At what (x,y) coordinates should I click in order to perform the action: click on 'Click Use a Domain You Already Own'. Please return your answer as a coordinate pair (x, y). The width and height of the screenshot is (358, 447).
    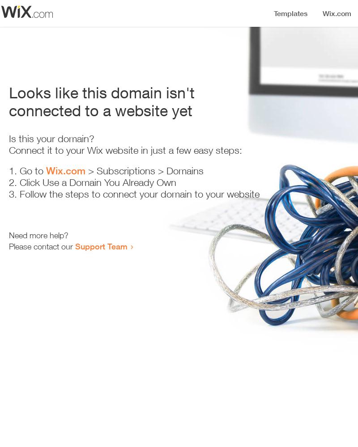
    Looking at the image, I should click on (98, 182).